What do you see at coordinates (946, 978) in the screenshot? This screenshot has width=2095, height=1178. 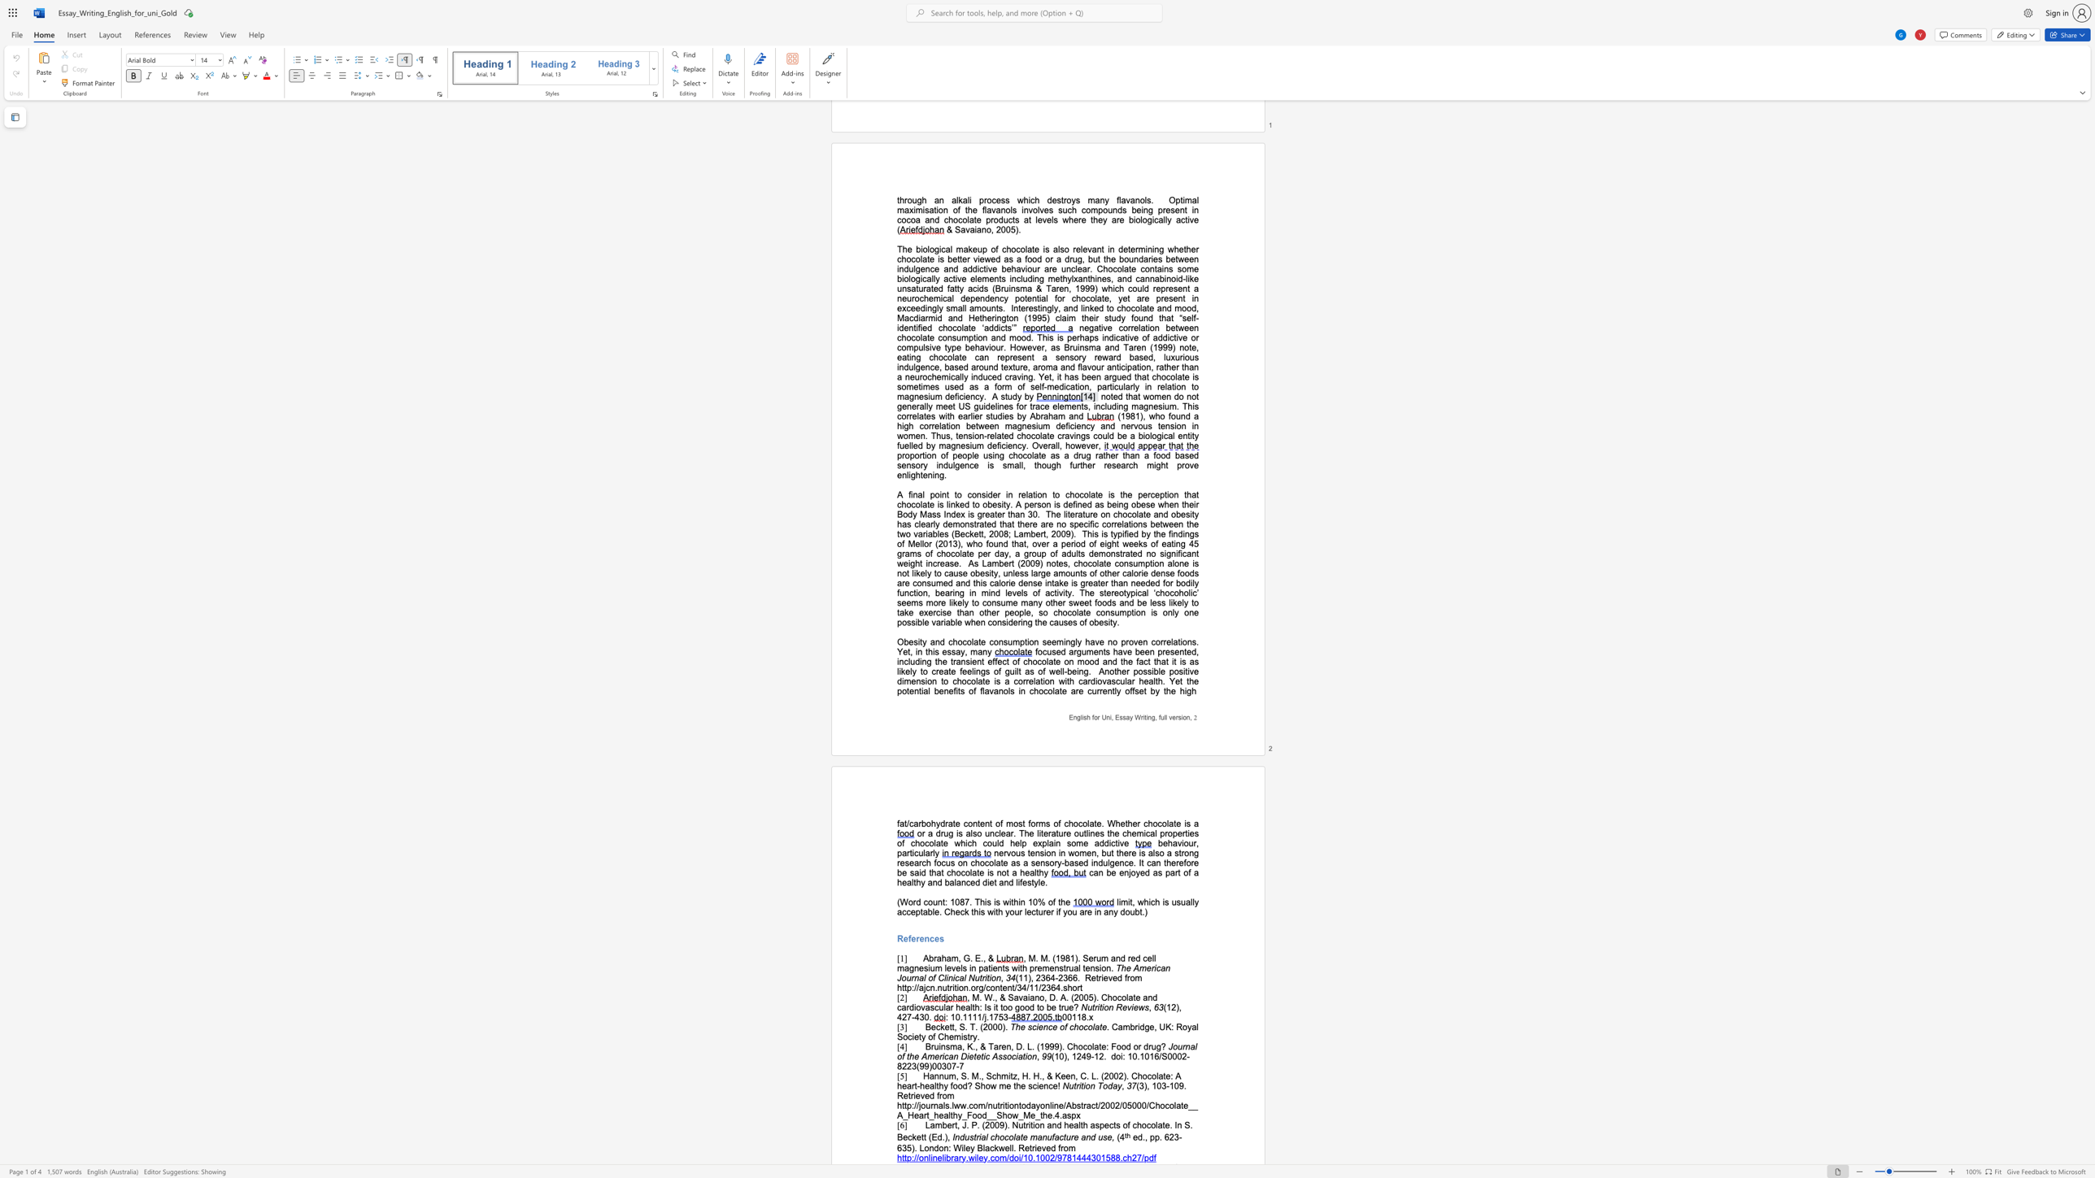 I see `the subset text "inical Nu" within the text "The American Journal of Clinical Nutrition"` at bounding box center [946, 978].